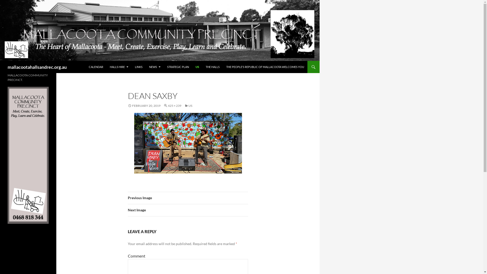 The height and width of the screenshot is (274, 487). What do you see at coordinates (89, 61) in the screenshot?
I see `'SKIP TO CONTENT'` at bounding box center [89, 61].